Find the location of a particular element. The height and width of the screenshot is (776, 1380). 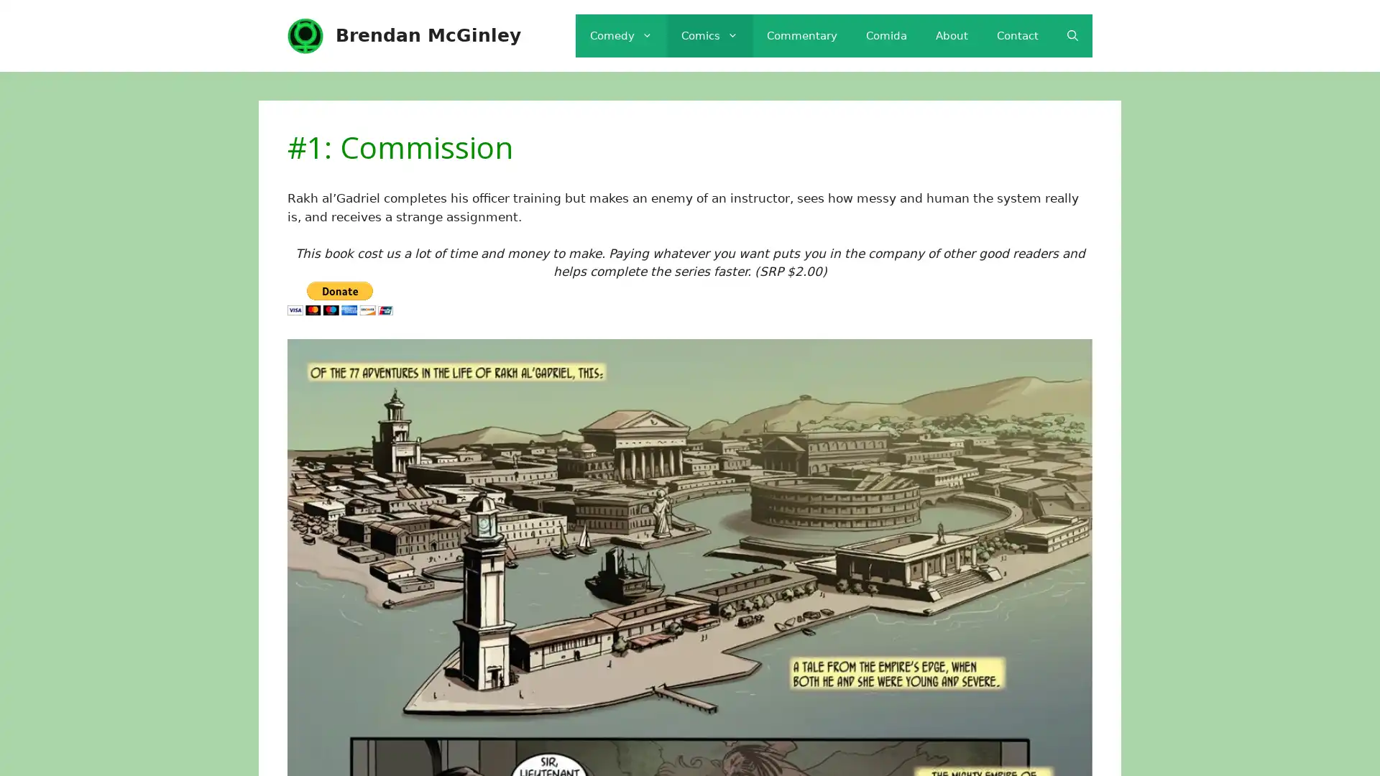

PayPal - The safer, easier way to pay online! is located at coordinates (339, 297).